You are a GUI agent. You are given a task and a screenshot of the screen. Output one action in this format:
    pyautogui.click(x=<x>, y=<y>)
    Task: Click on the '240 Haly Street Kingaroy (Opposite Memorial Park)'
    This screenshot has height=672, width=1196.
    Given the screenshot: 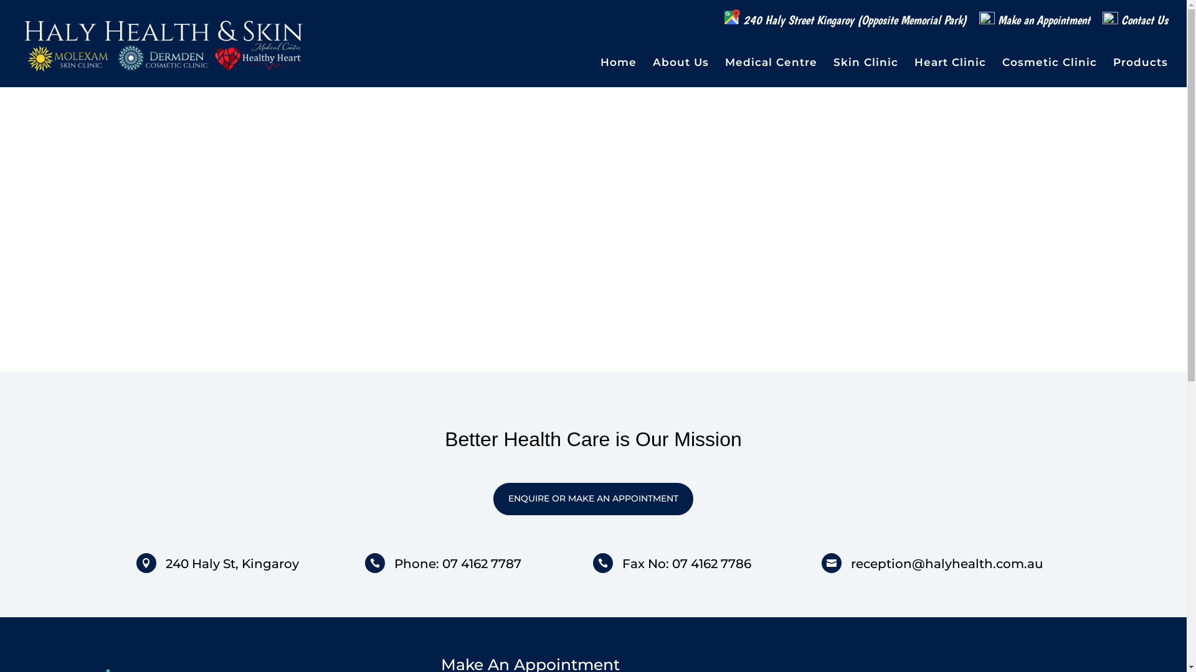 What is the action you would take?
    pyautogui.click(x=845, y=22)
    